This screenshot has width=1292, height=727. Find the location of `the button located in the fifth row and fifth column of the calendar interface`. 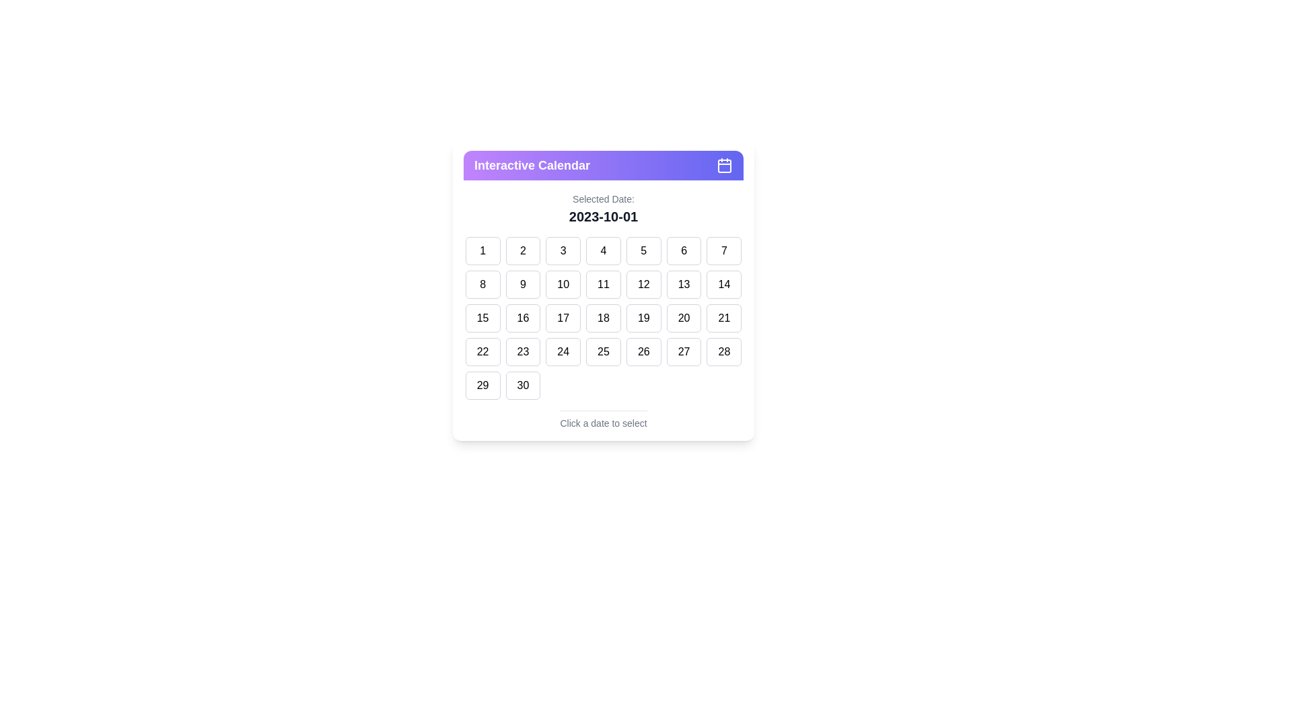

the button located in the fifth row and fifth column of the calendar interface is located at coordinates (643, 351).